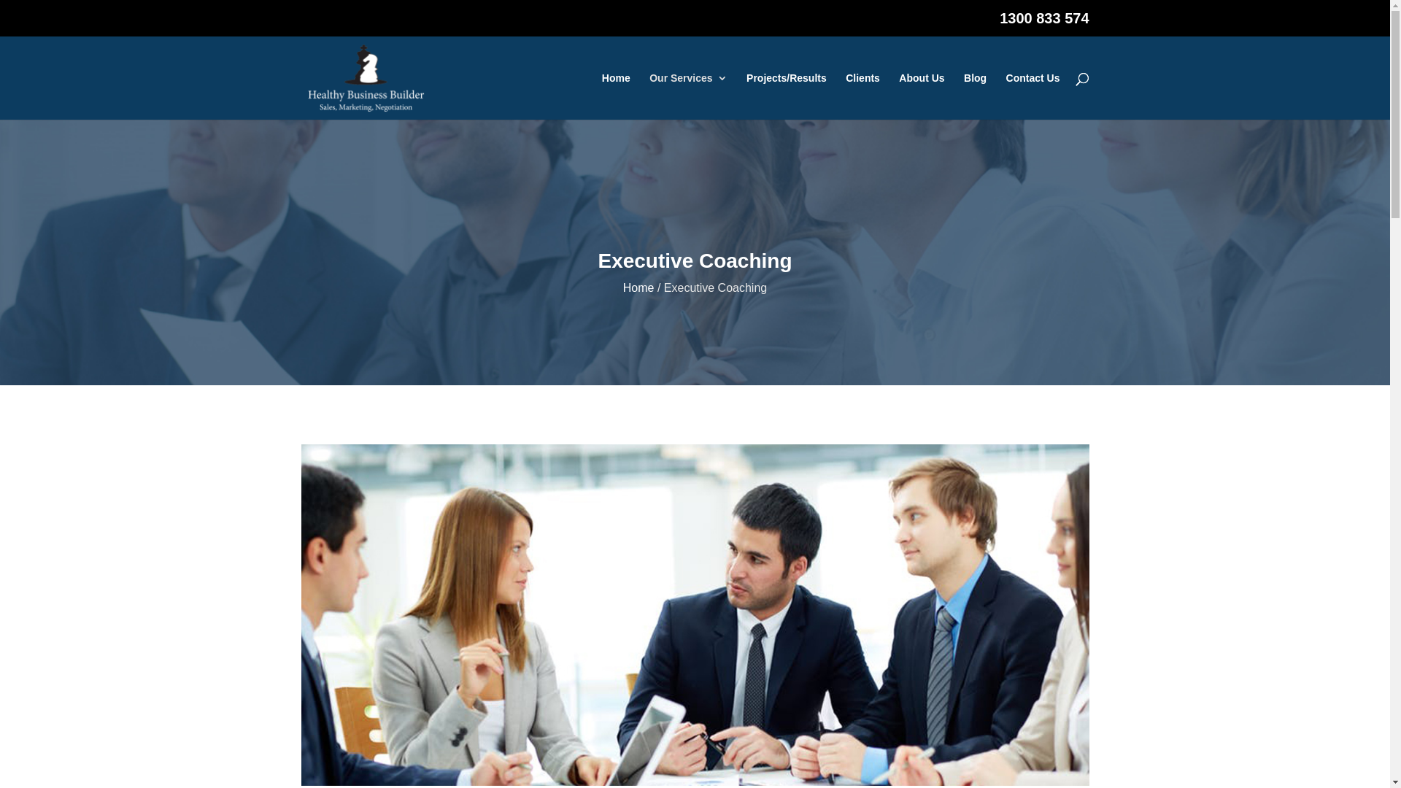 The image size is (1401, 788). Describe the element at coordinates (687, 96) in the screenshot. I see `'Our Services'` at that location.